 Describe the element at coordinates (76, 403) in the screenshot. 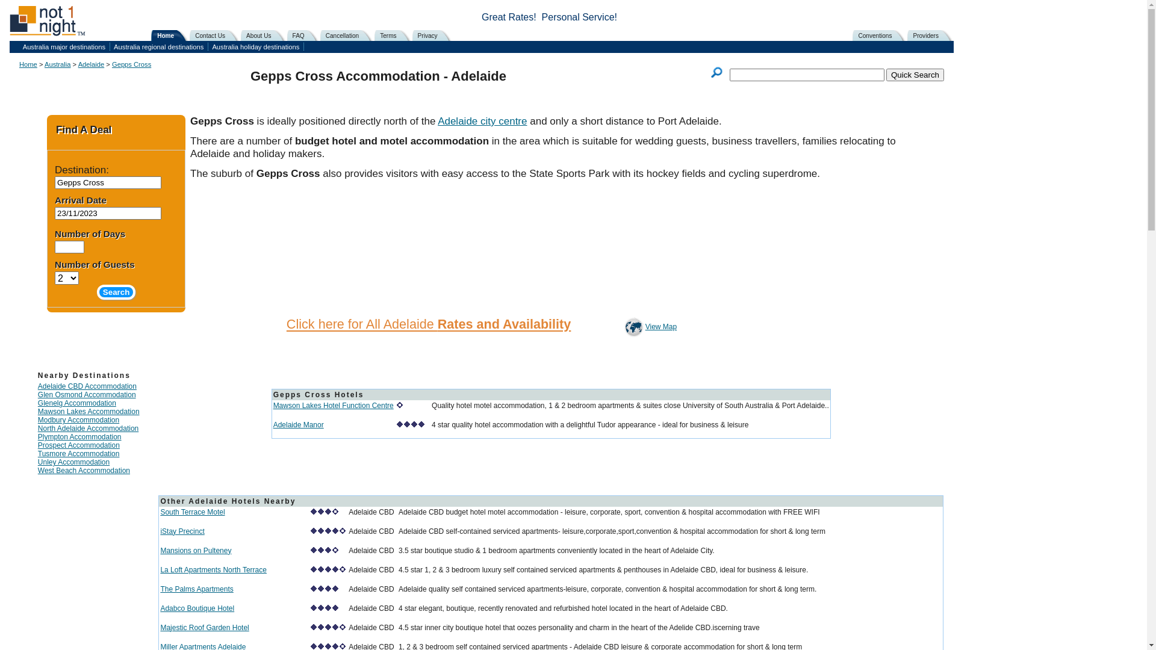

I see `'Glenelg Accommodation'` at that location.